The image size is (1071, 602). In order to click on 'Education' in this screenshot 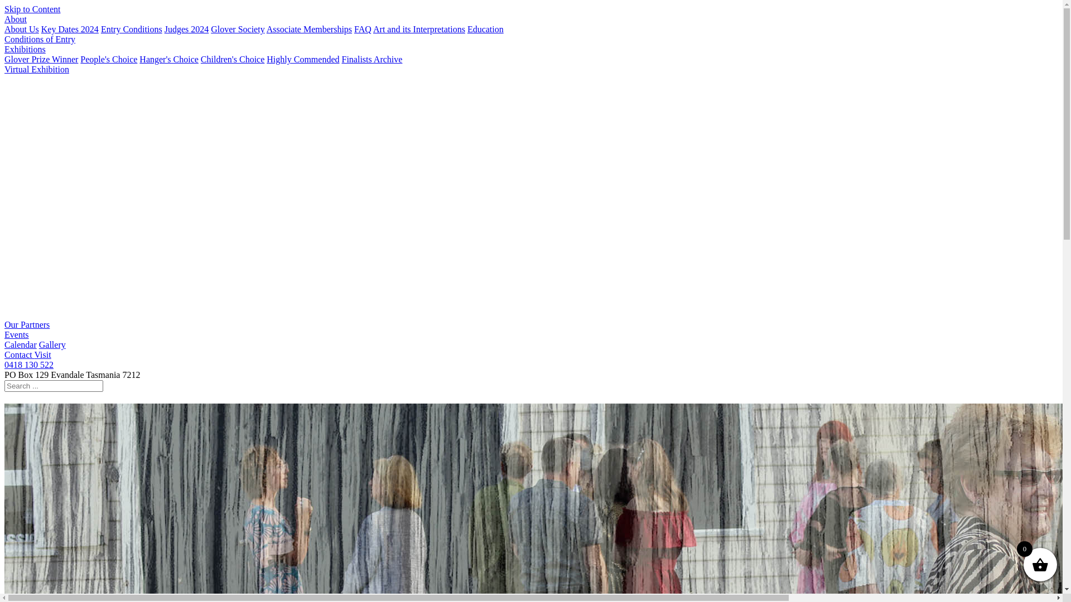, I will do `click(485, 28)`.